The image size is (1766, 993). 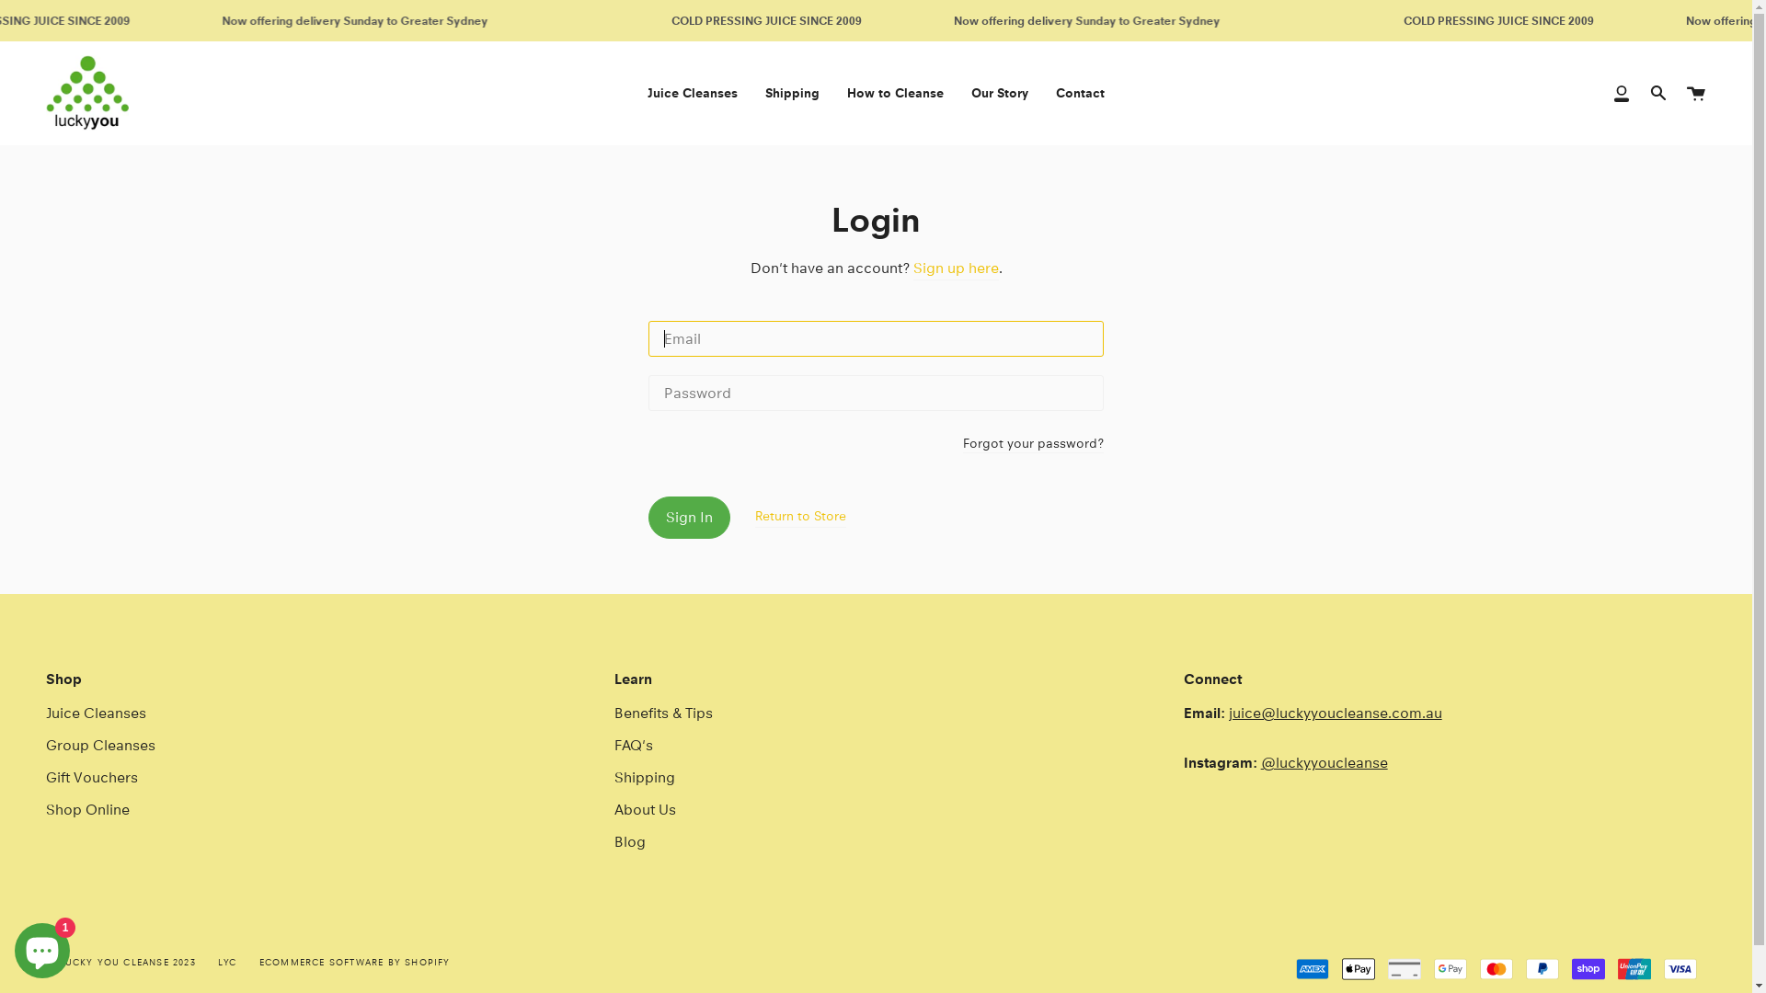 What do you see at coordinates (998, 92) in the screenshot?
I see `'Our Story'` at bounding box center [998, 92].